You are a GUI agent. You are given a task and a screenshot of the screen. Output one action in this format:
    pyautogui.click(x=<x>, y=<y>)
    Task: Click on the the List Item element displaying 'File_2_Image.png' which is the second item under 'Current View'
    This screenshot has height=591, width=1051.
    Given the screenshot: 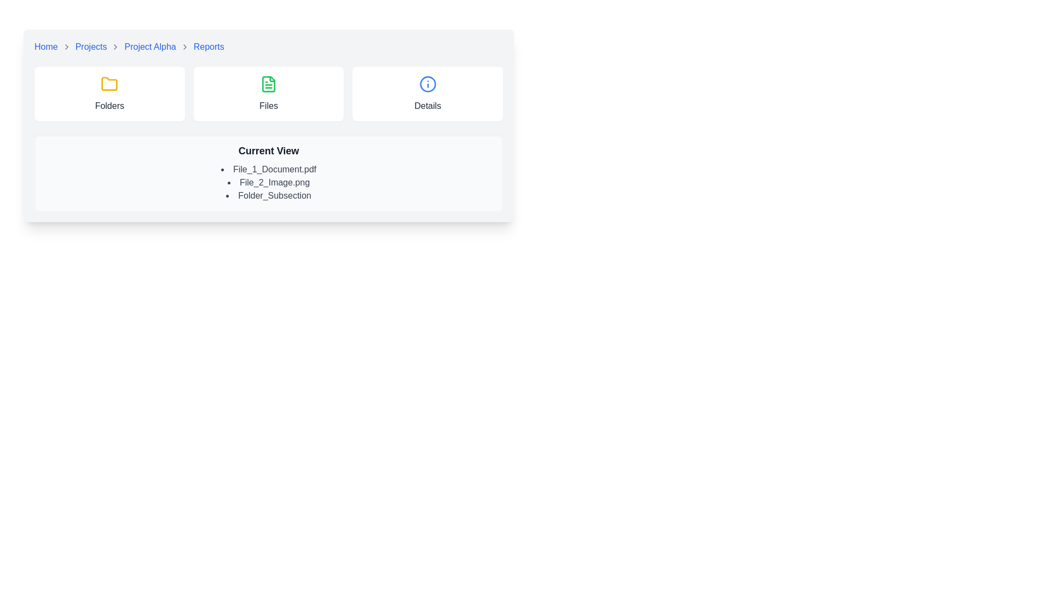 What is the action you would take?
    pyautogui.click(x=268, y=182)
    